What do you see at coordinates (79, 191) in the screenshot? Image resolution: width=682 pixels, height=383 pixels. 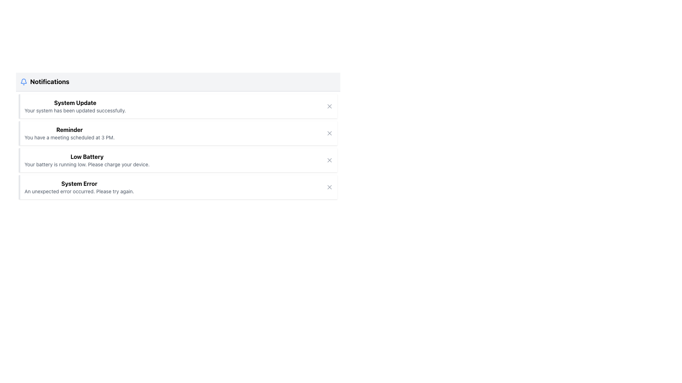 I see `the static text element displaying the message 'An unexpected error occurred. Please try again.' which is located below the 'System Error' title in the notification list` at bounding box center [79, 191].